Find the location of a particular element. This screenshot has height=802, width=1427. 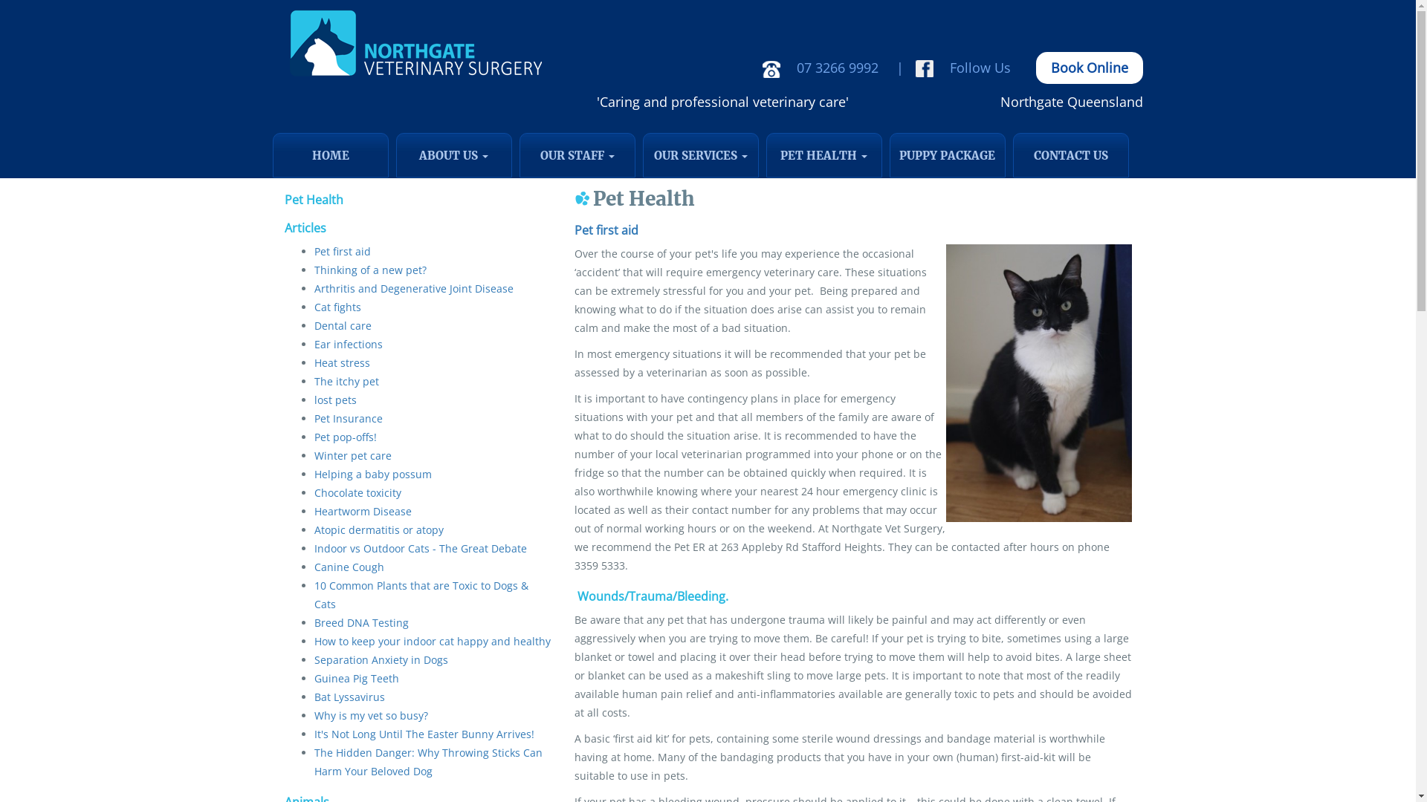

'Pet Insurance' is located at coordinates (346, 418).